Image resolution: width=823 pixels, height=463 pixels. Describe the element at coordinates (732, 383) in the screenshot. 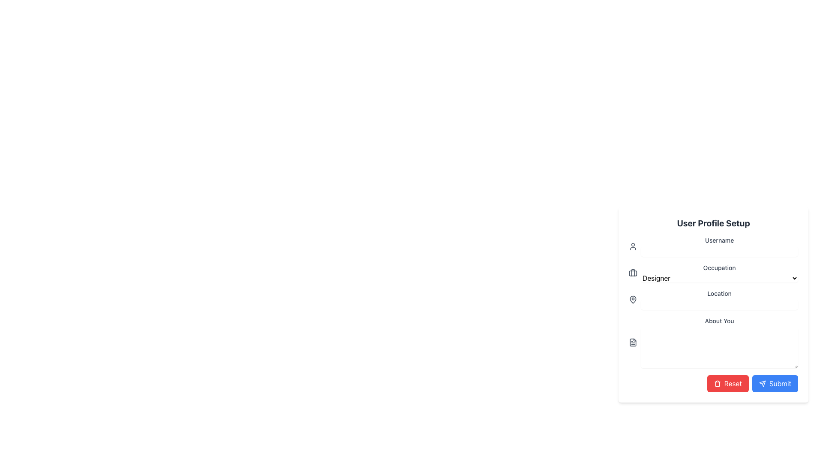

I see `the prominent red rectangular 'Reset' button with rounded corners located to the left of the 'Submit' button` at that location.